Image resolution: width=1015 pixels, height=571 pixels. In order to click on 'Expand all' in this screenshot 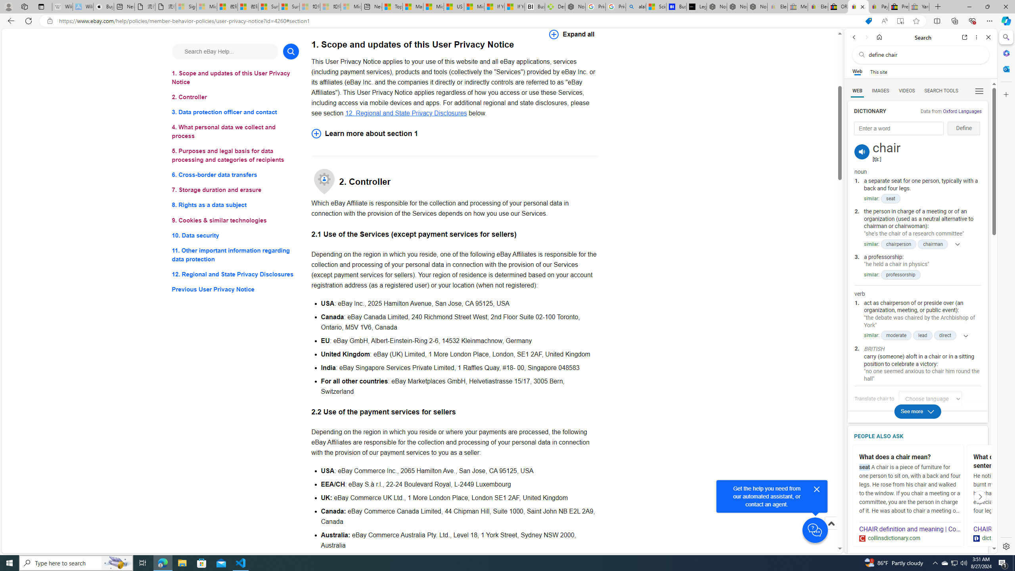, I will do `click(572, 34)`.